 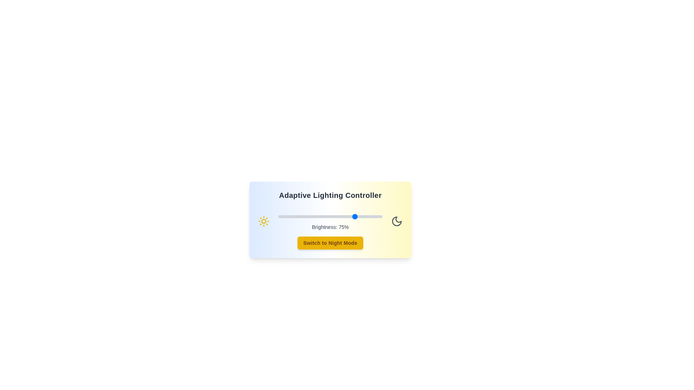 I want to click on the brightness level, so click(x=321, y=216).